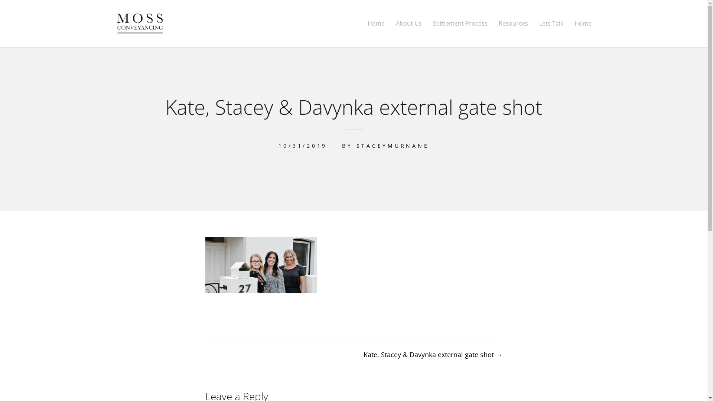  I want to click on 'Moss Conveyancing', so click(164, 43).